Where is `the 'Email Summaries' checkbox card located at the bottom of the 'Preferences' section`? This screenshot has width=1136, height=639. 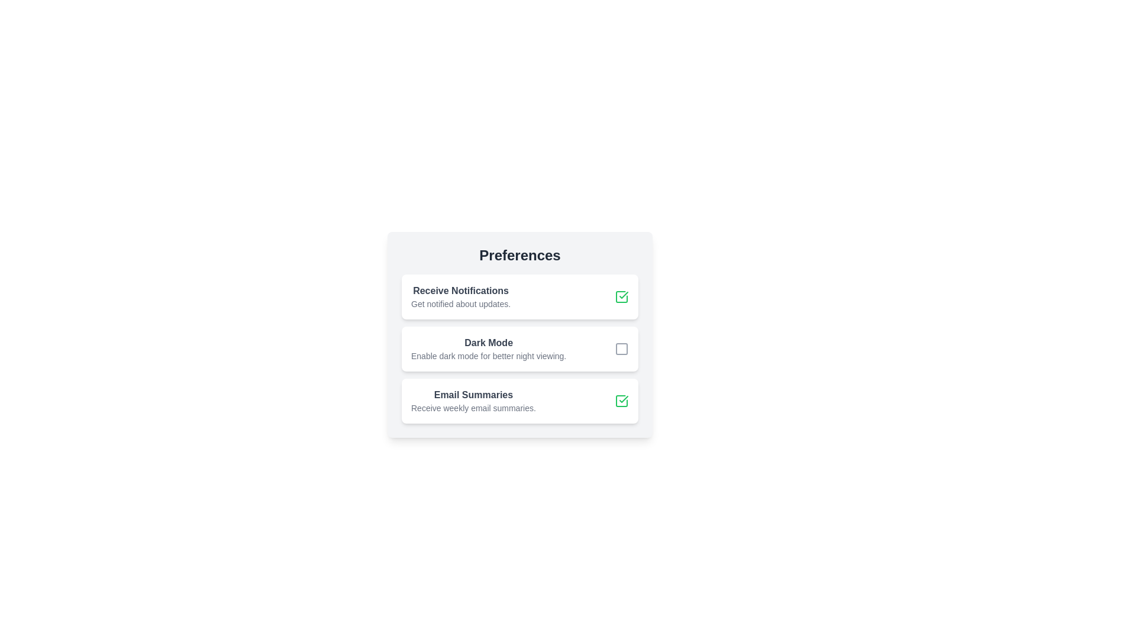
the 'Email Summaries' checkbox card located at the bottom of the 'Preferences' section is located at coordinates (519, 401).